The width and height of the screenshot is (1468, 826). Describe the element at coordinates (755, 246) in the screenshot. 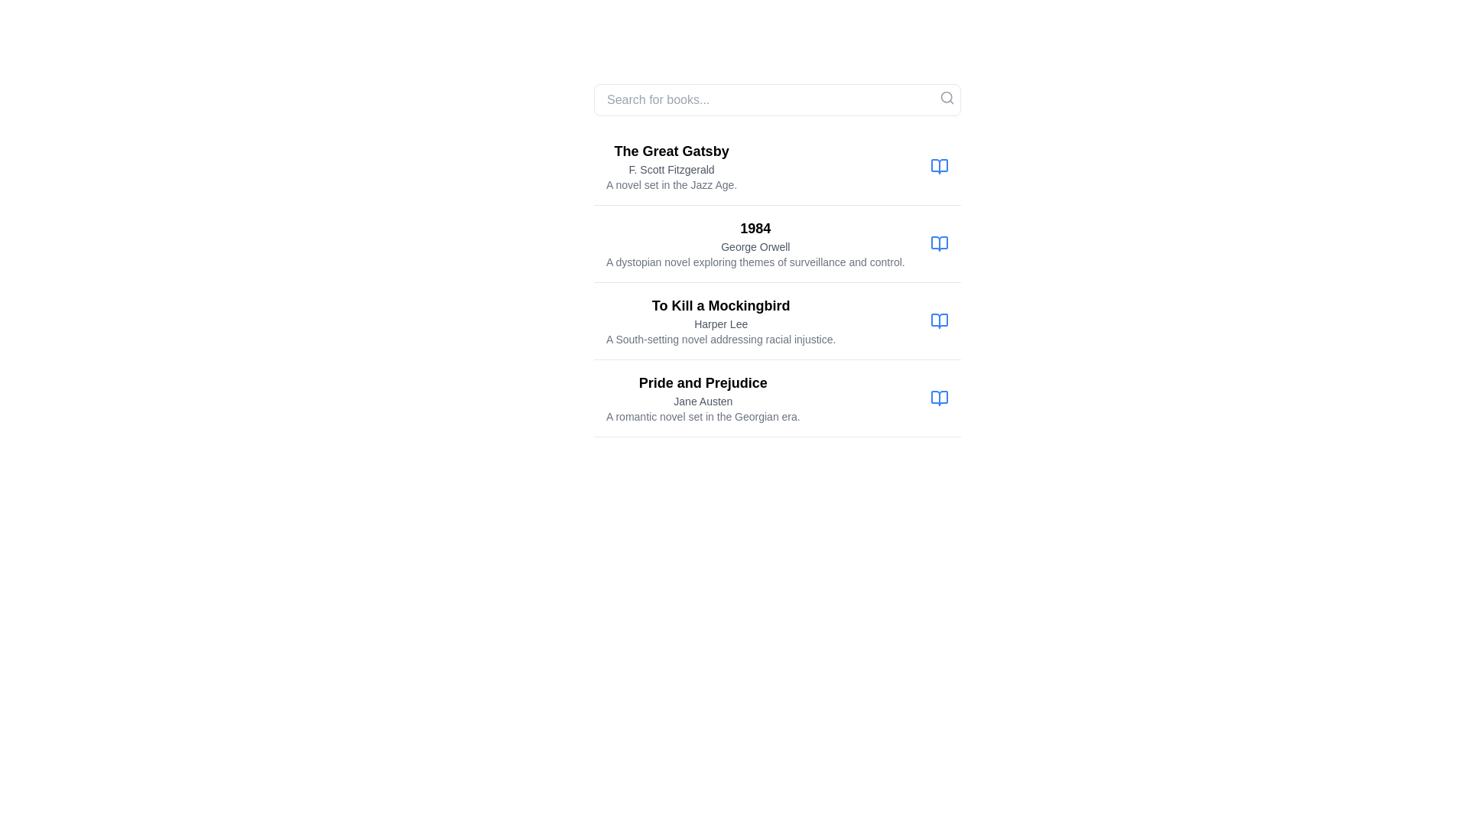

I see `the text label displaying 'George Orwell' located beneath the title '1984' in a smaller and lighter font` at that location.